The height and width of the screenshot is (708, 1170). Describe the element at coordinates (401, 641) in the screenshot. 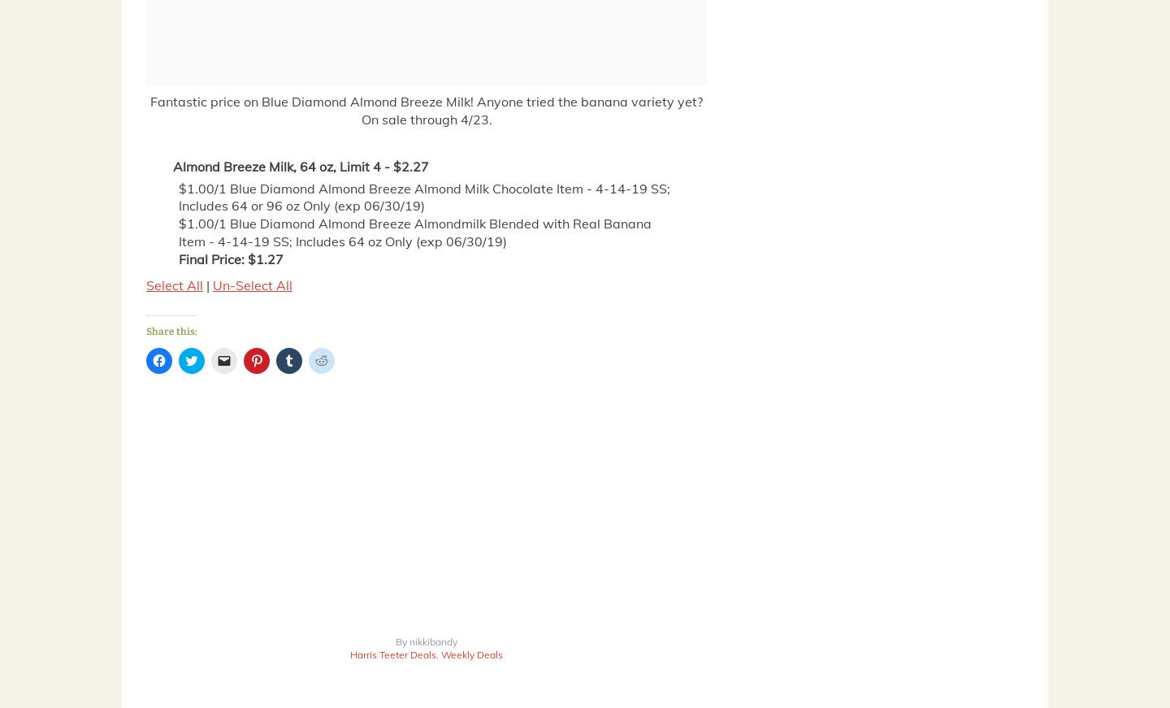

I see `'By'` at that location.